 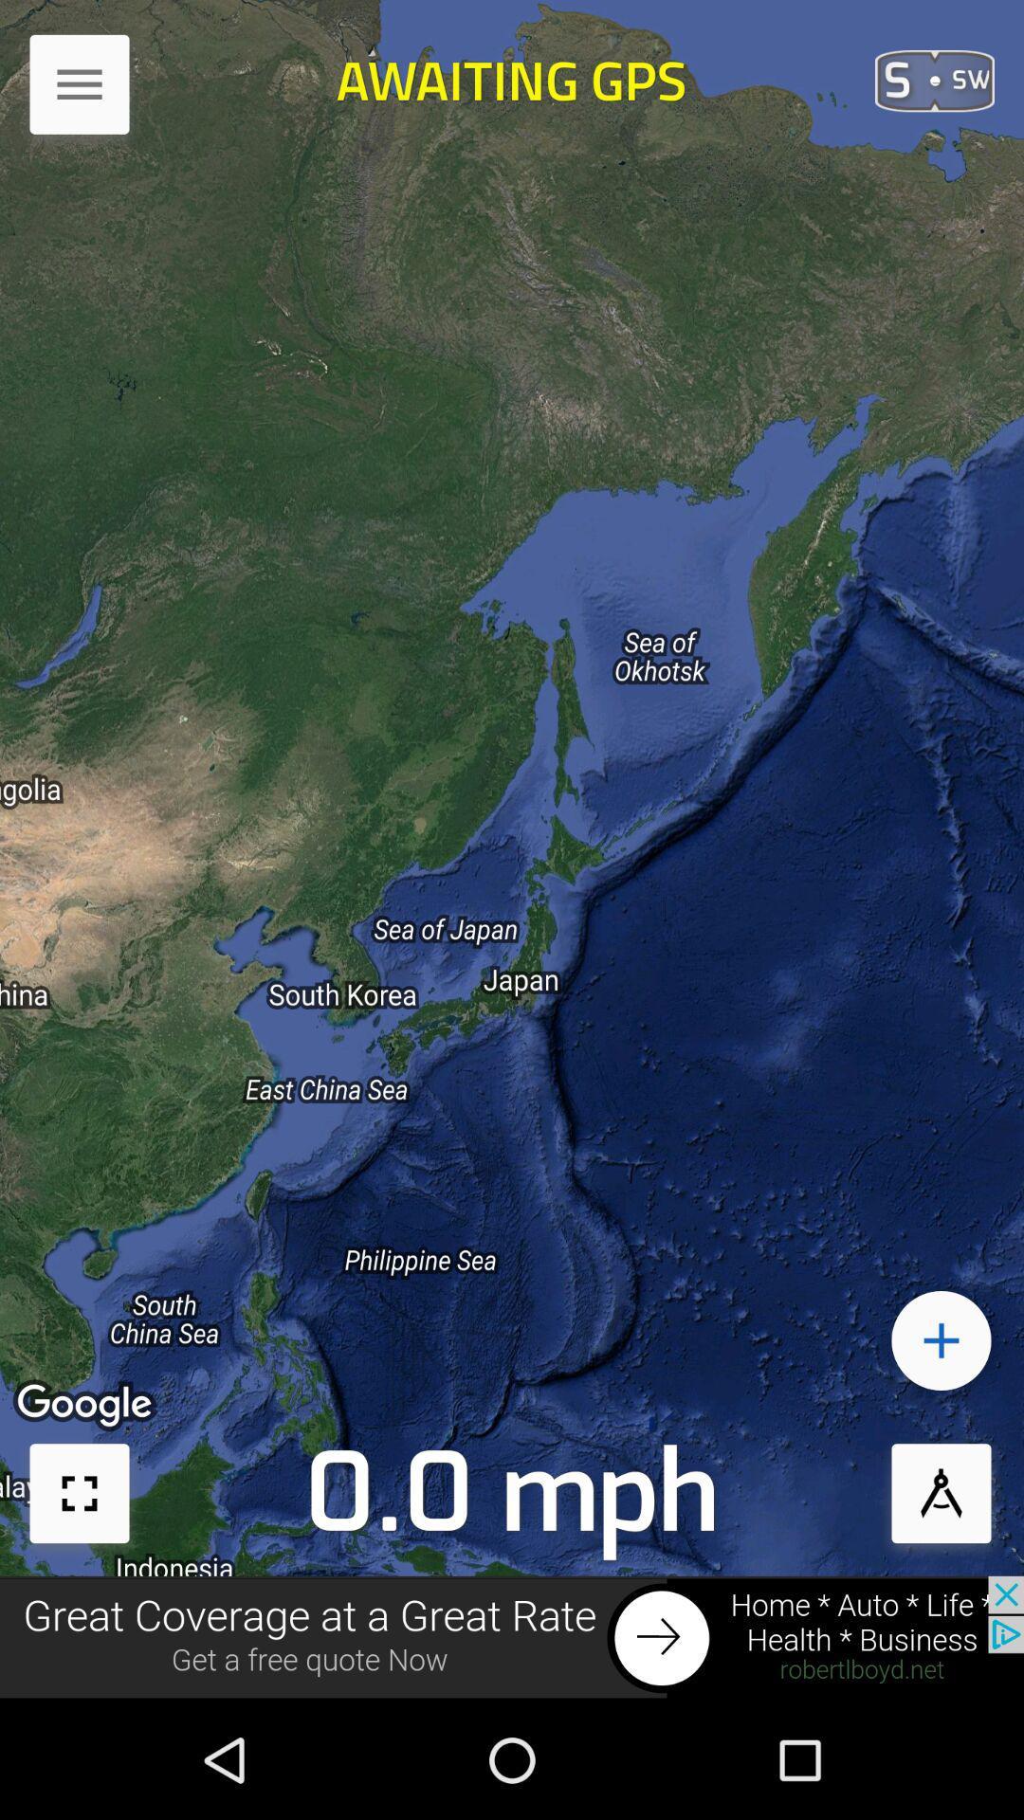 I want to click on the add icon, so click(x=941, y=1339).